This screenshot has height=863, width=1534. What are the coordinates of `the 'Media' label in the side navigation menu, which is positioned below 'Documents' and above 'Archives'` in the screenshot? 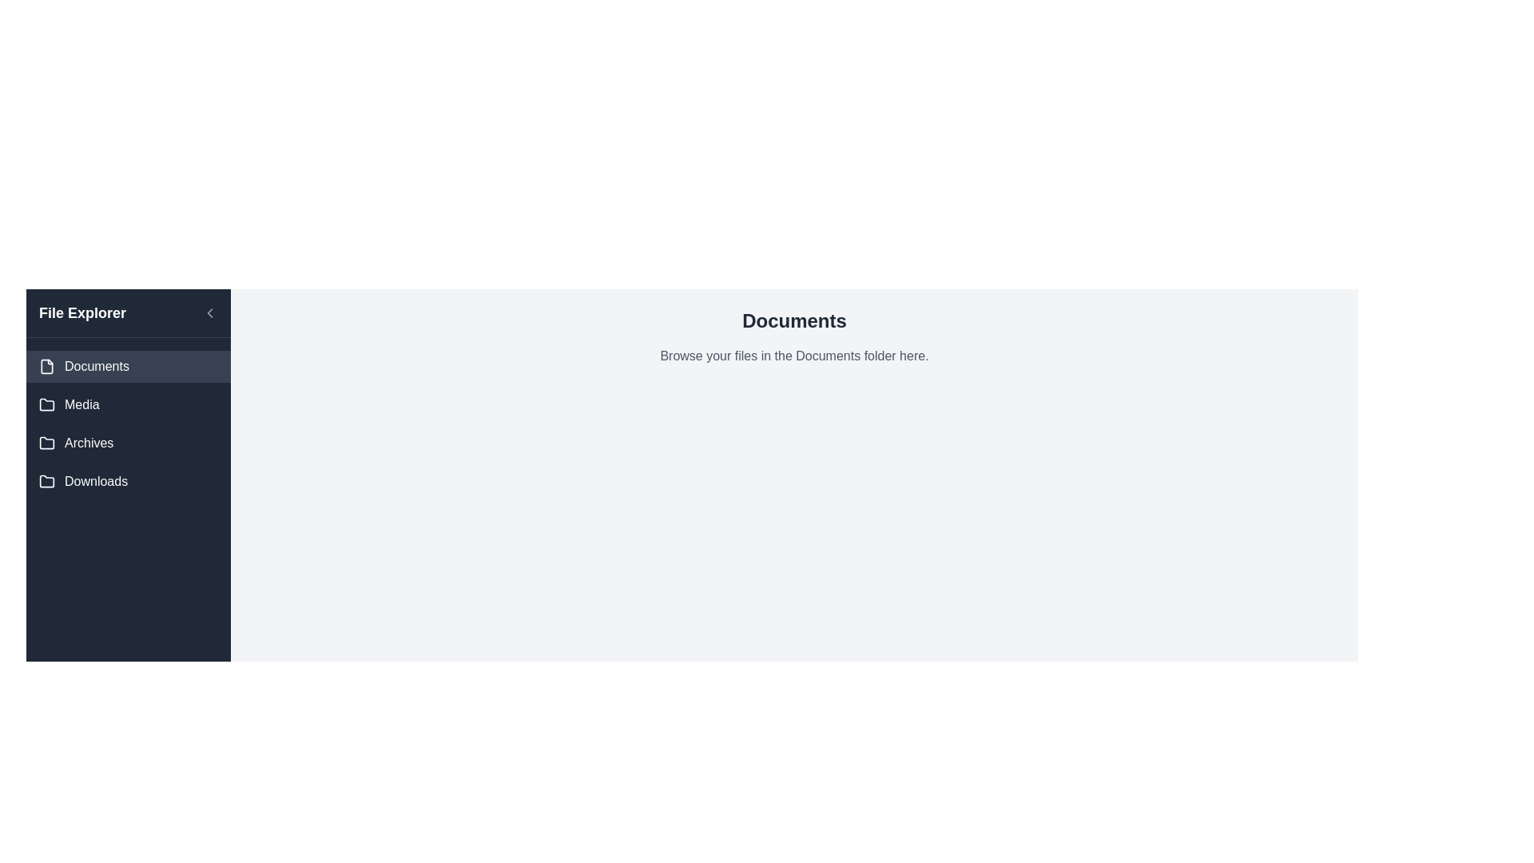 It's located at (81, 404).